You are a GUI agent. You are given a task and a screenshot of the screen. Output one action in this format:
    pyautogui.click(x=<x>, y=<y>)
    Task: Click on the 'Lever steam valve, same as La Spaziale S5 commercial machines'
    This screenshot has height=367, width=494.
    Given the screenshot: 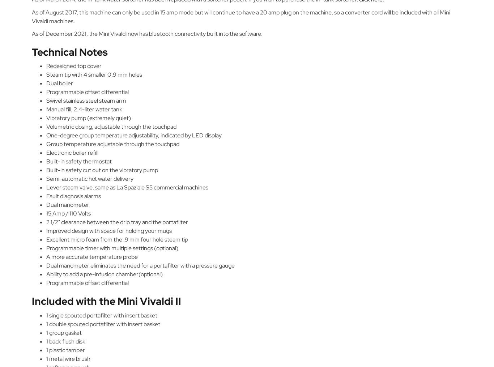 What is the action you would take?
    pyautogui.click(x=127, y=187)
    